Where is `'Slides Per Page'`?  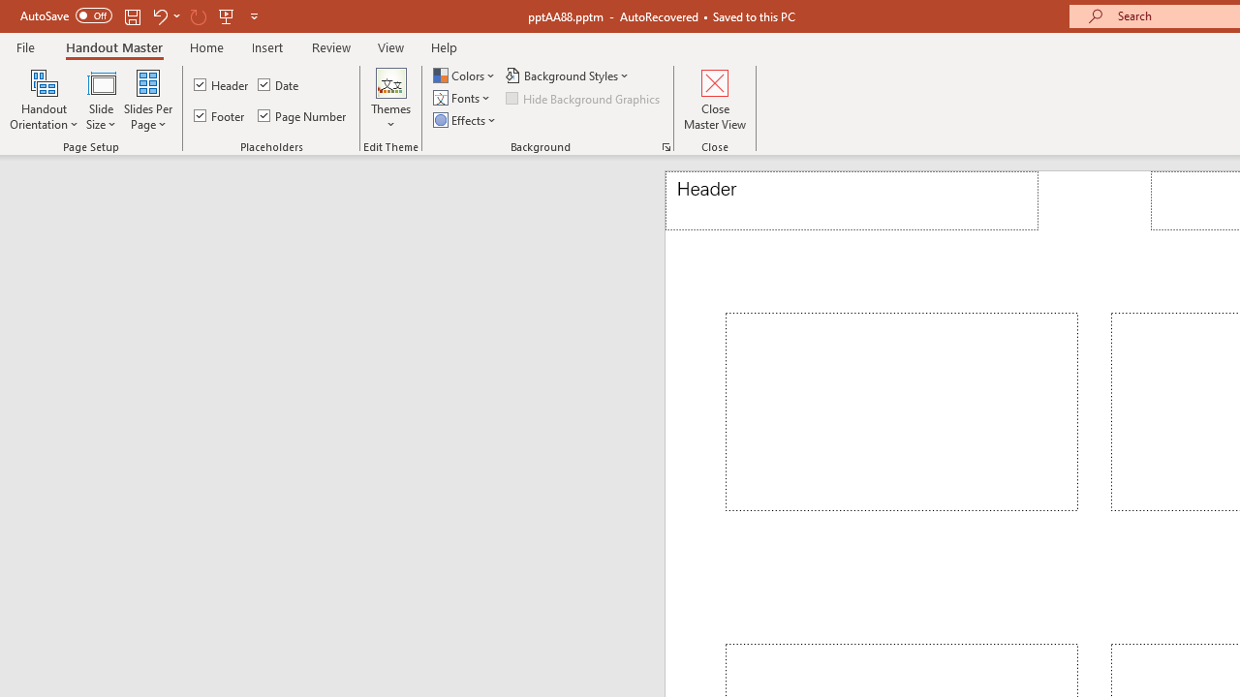
'Slides Per Page' is located at coordinates (146, 100).